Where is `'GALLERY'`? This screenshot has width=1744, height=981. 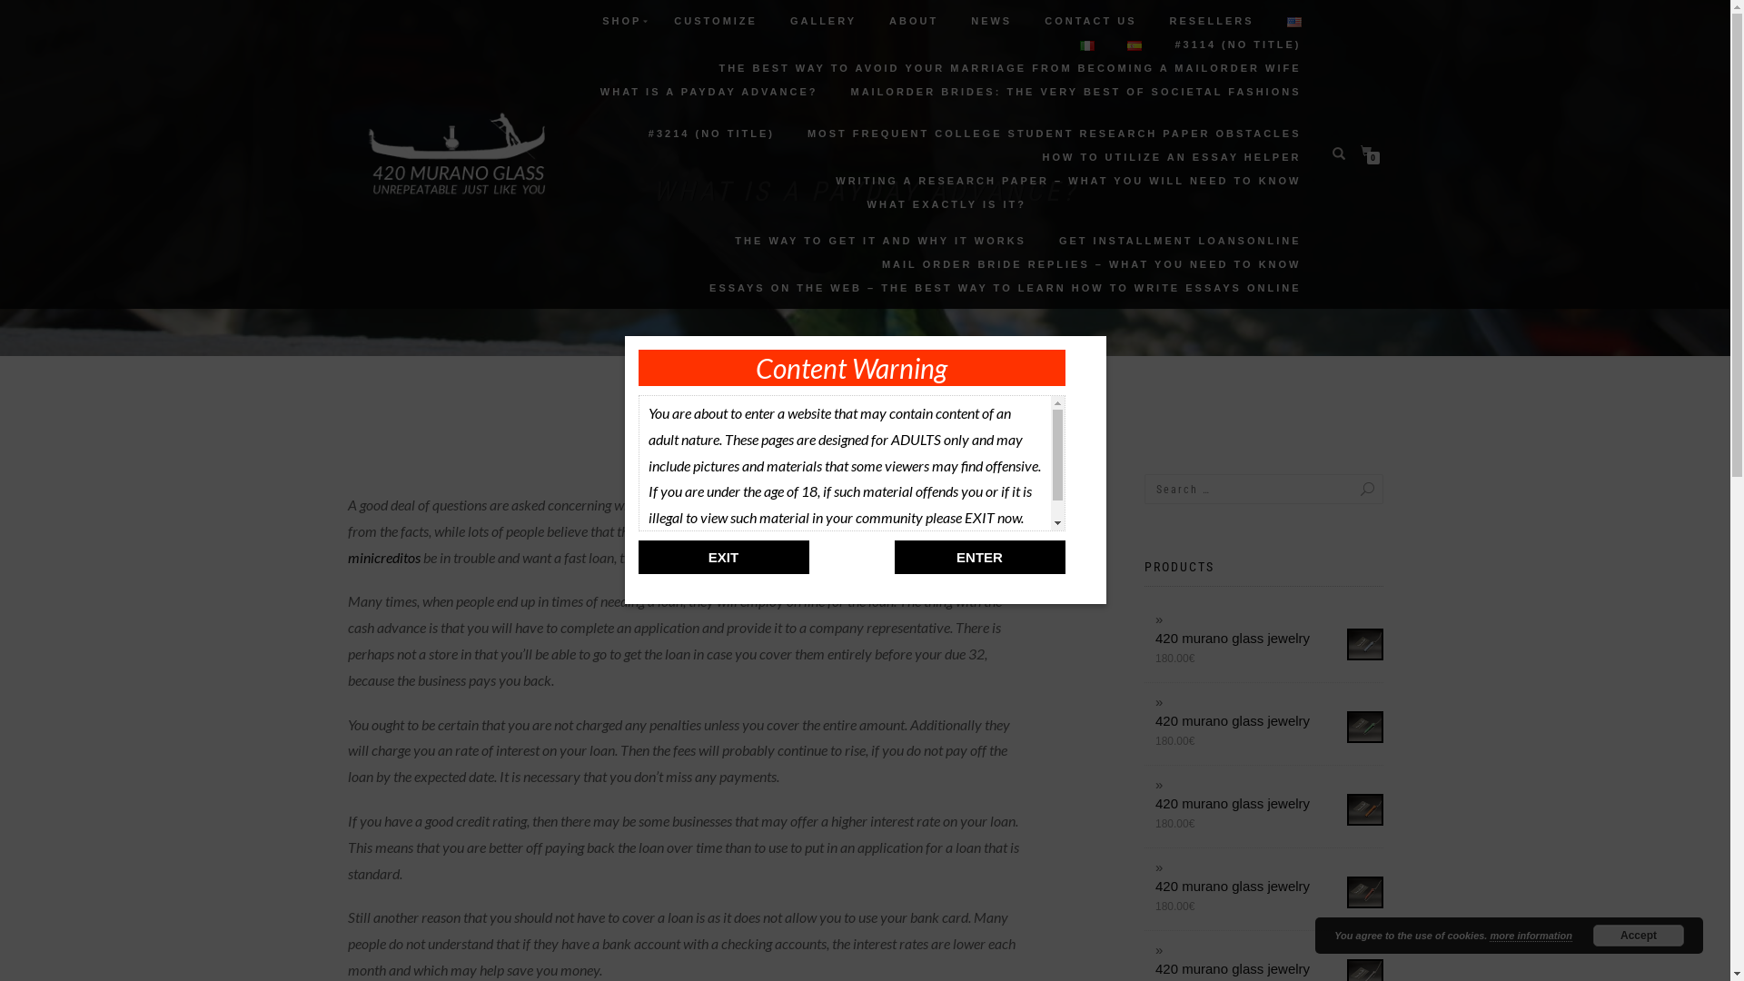
'GALLERY' is located at coordinates (822, 21).